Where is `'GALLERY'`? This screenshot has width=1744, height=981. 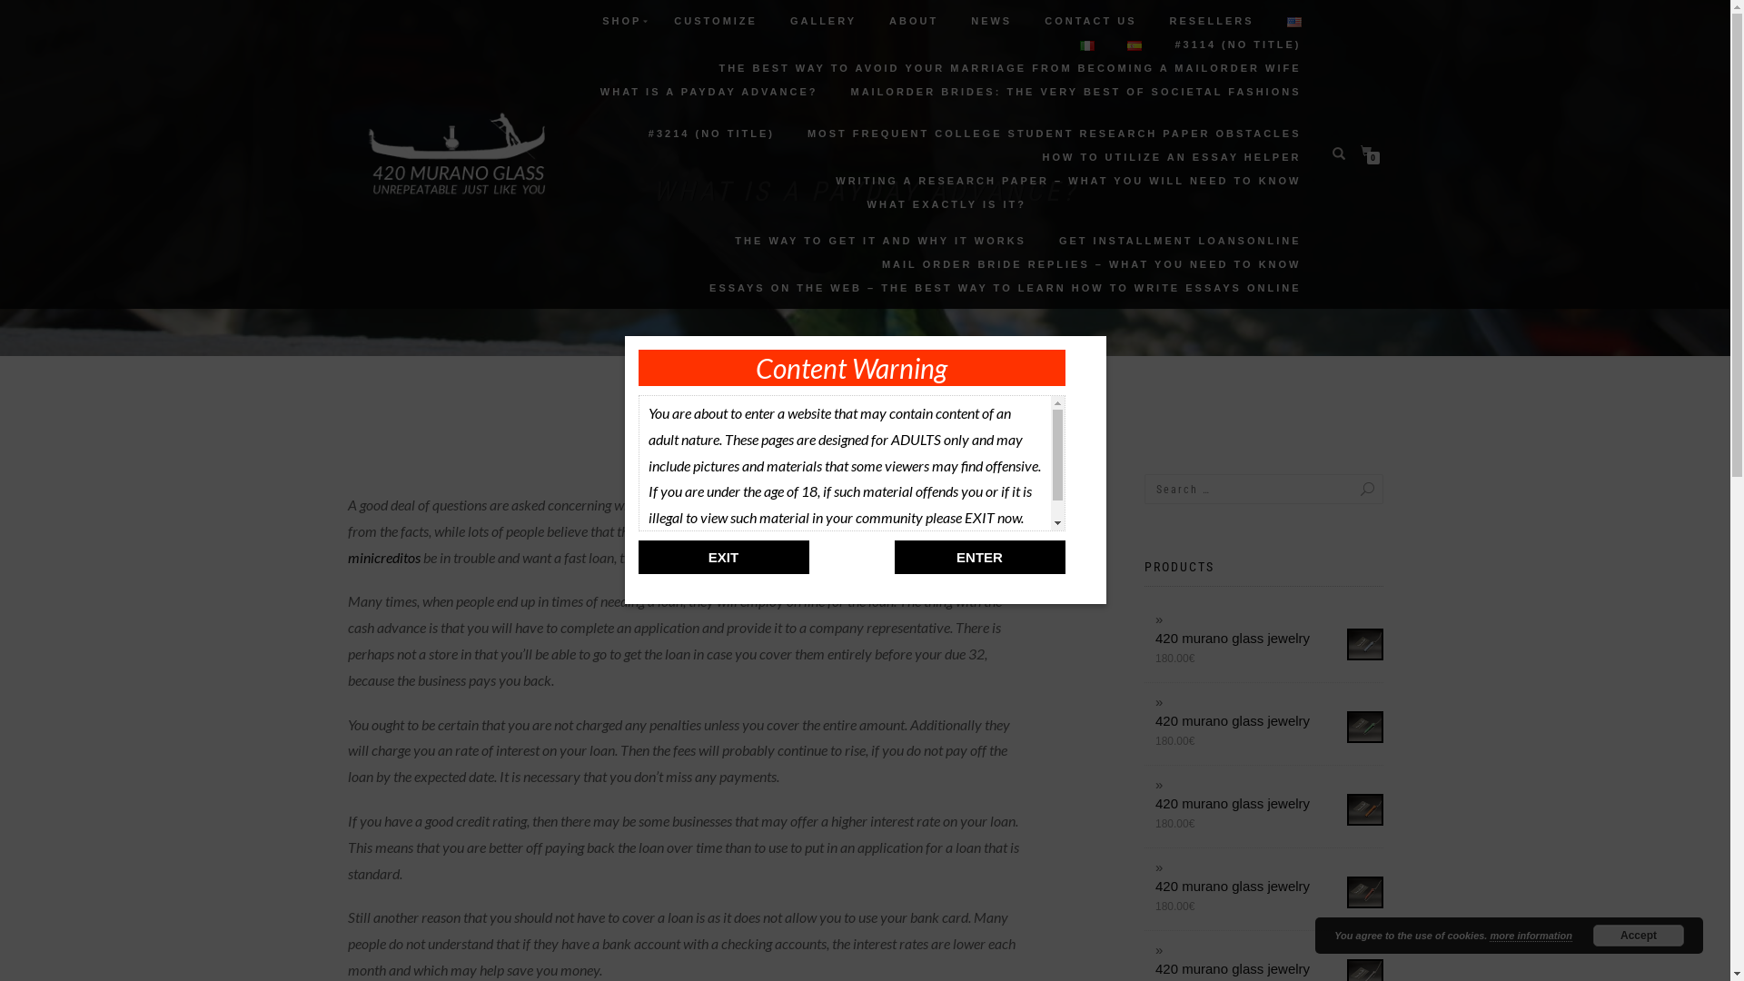
'GALLERY' is located at coordinates (822, 21).